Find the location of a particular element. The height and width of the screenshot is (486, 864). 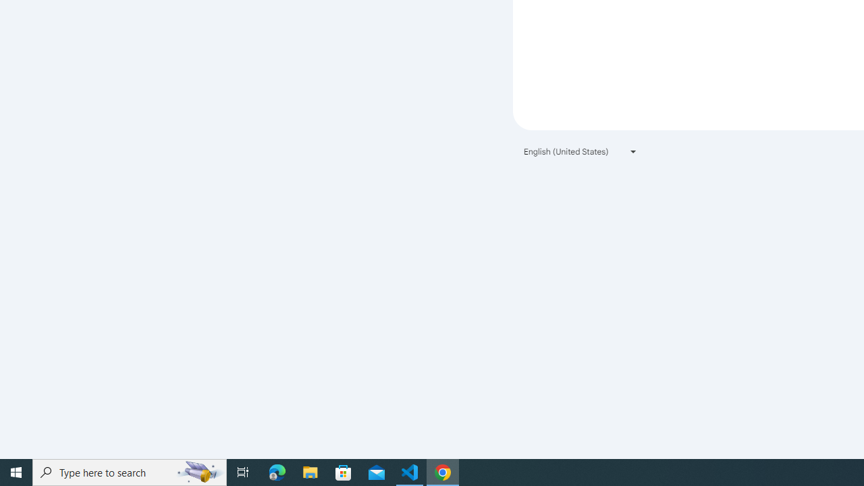

'English (United States)' is located at coordinates (580, 151).